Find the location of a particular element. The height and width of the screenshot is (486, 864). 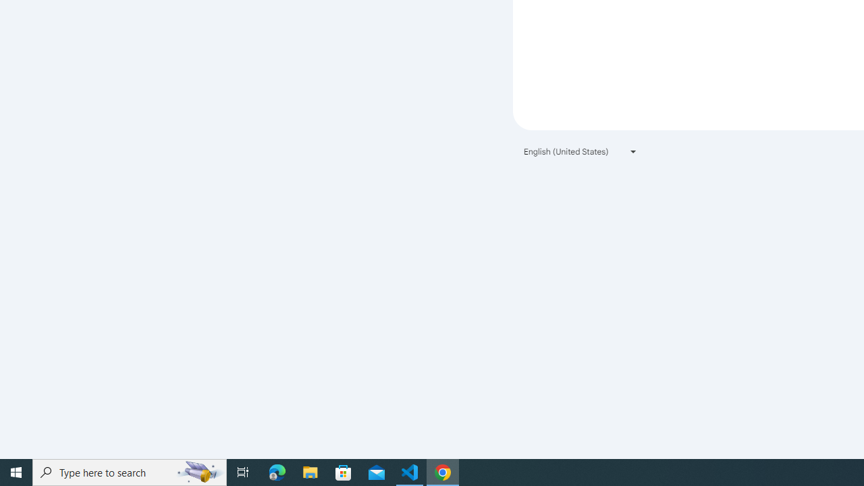

'English (United States)' is located at coordinates (580, 151).